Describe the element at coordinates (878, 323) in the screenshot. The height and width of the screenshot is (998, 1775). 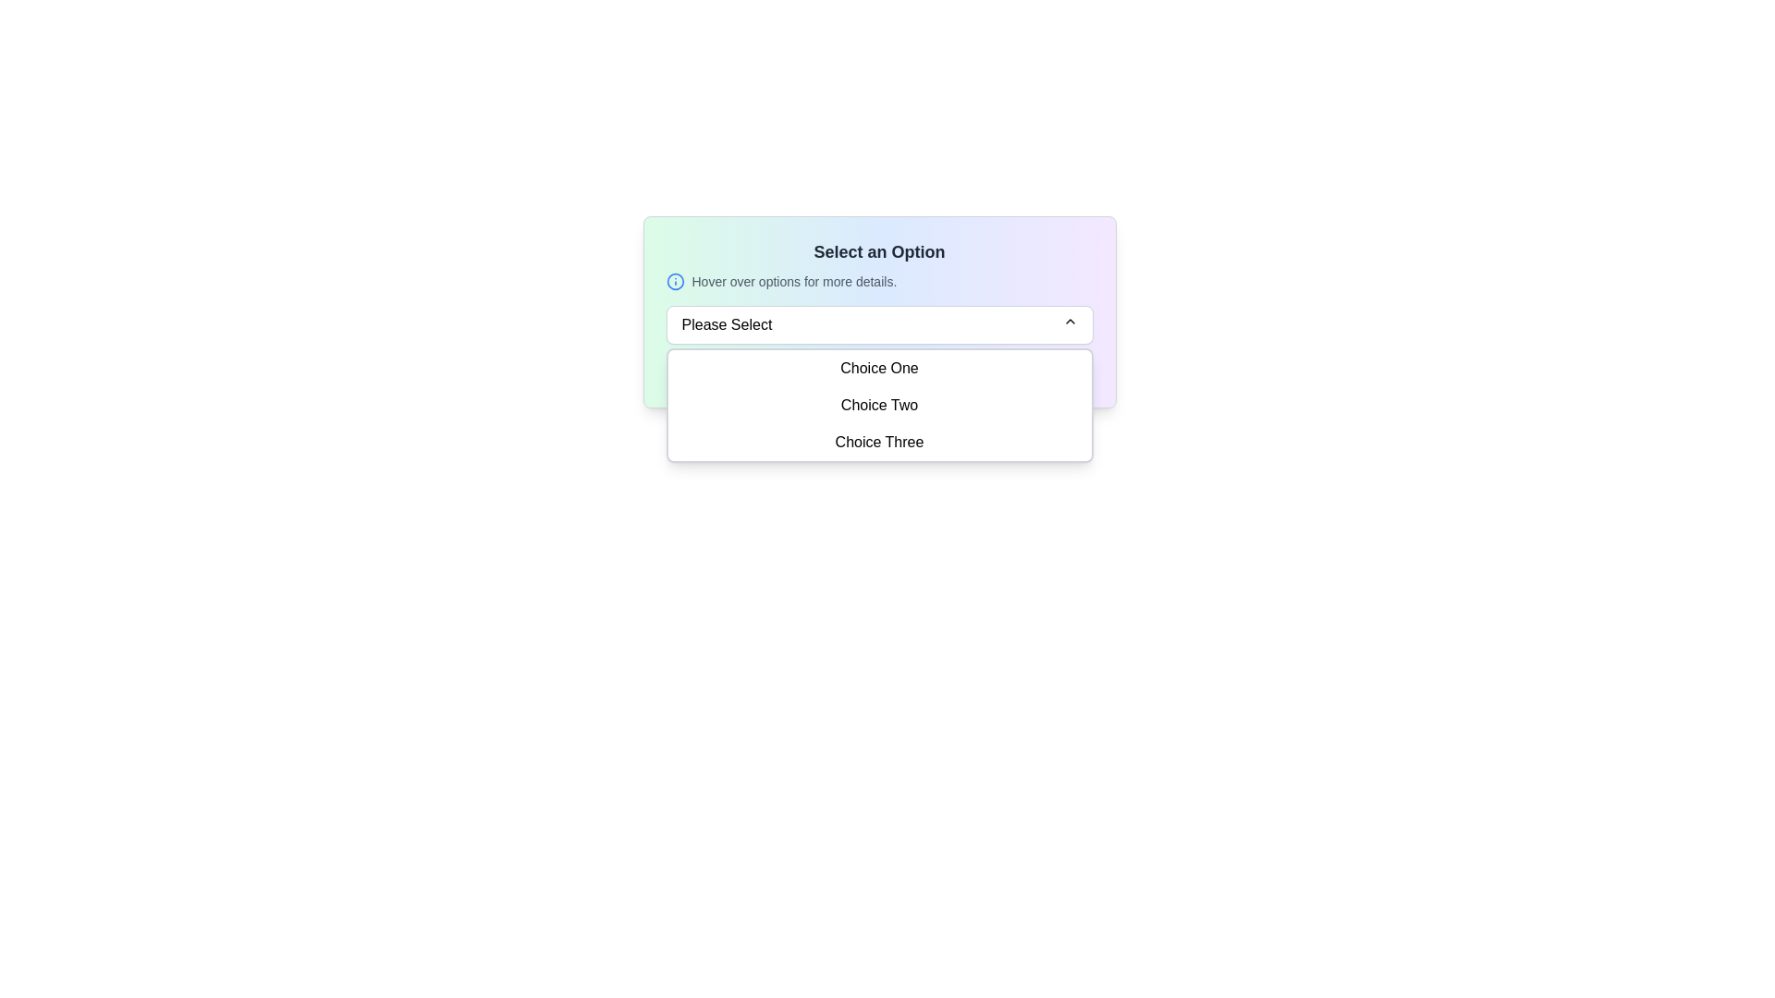
I see `the dropdown menu labeled 'Please Select'` at that location.